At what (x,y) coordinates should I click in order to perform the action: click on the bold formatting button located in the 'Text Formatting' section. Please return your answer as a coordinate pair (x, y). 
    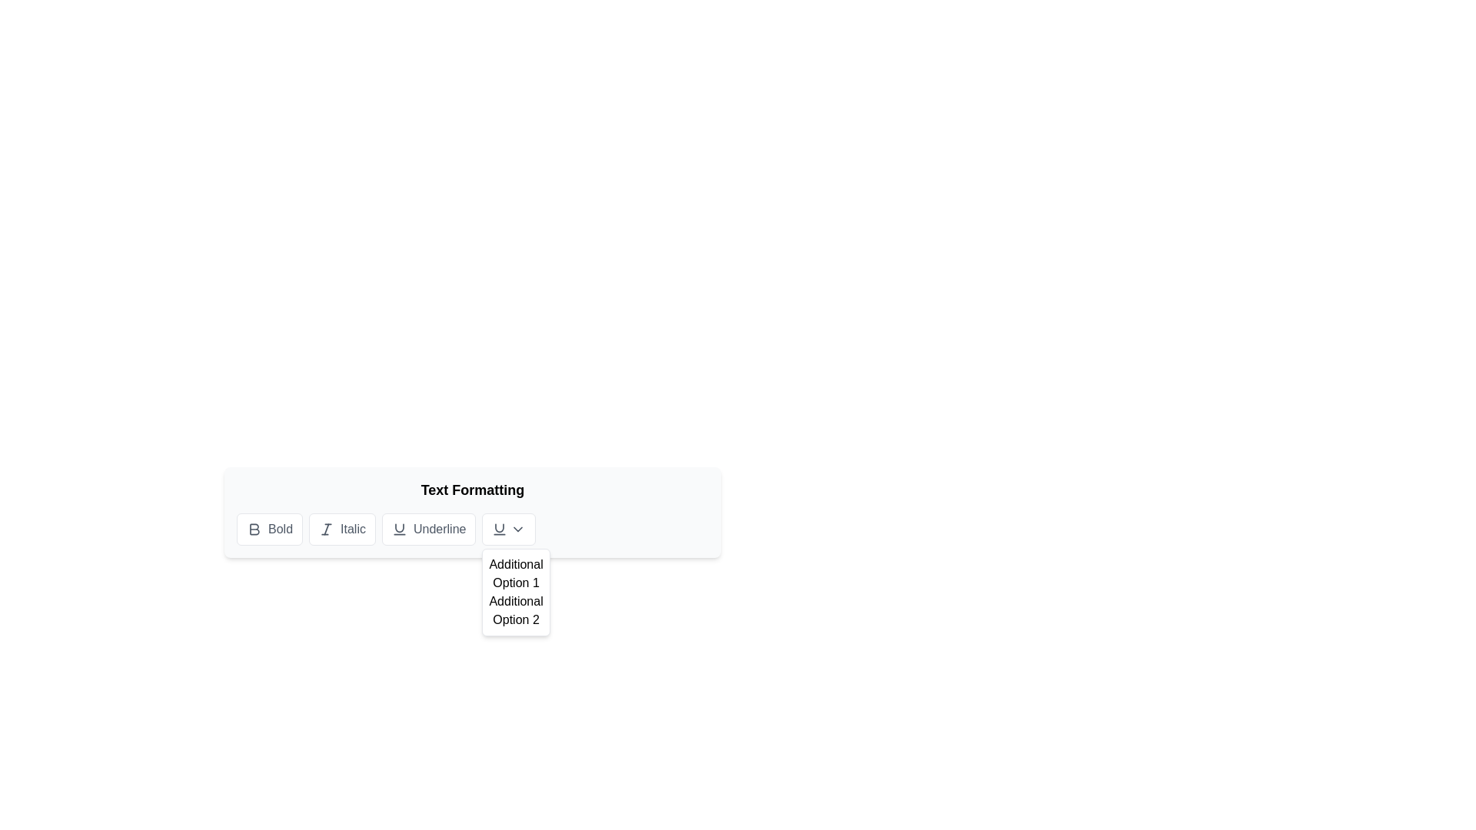
    Looking at the image, I should click on (269, 529).